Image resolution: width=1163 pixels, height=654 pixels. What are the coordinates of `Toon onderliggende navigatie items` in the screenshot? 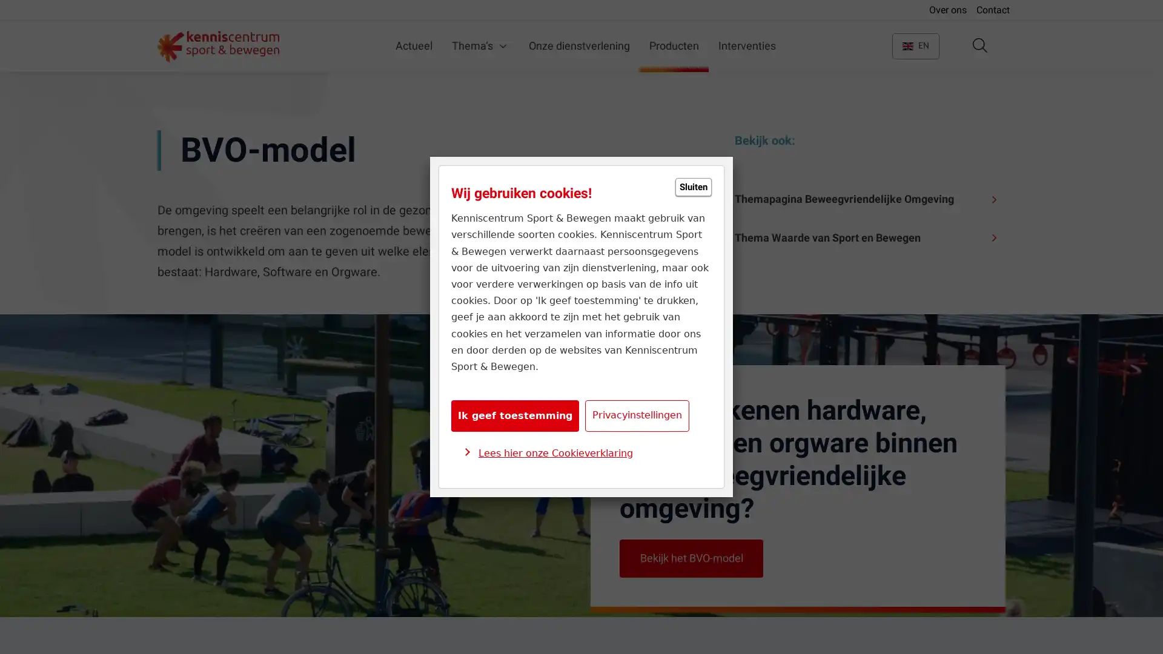 It's located at (441, 45).